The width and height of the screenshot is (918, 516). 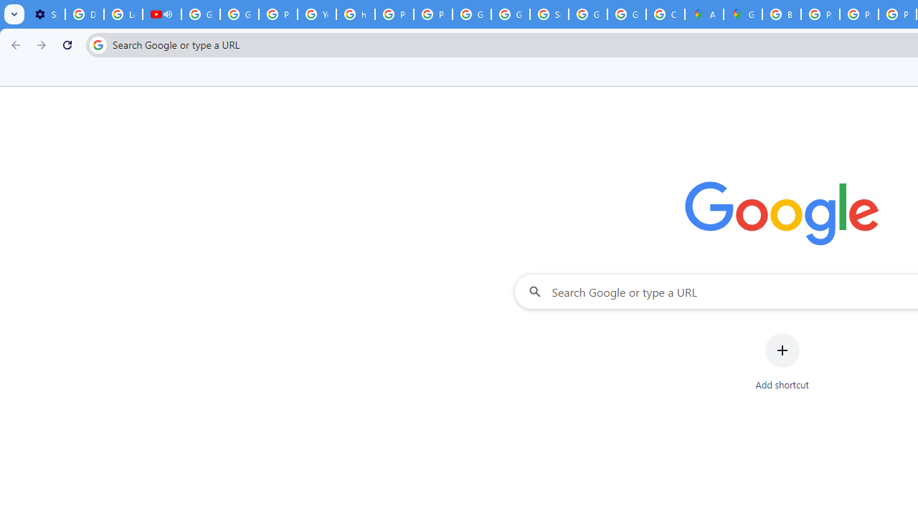 What do you see at coordinates (356, 14) in the screenshot?
I see `'https://scholar.google.com/'` at bounding box center [356, 14].